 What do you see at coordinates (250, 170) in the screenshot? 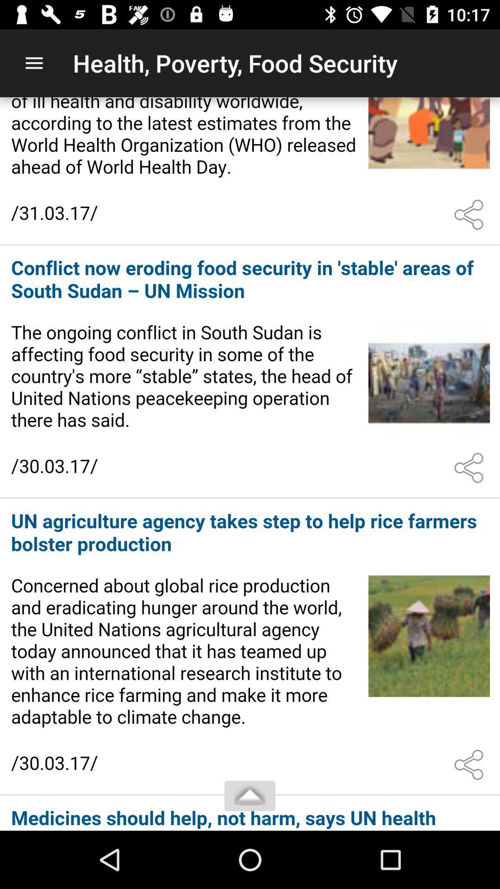
I see `read article` at bounding box center [250, 170].